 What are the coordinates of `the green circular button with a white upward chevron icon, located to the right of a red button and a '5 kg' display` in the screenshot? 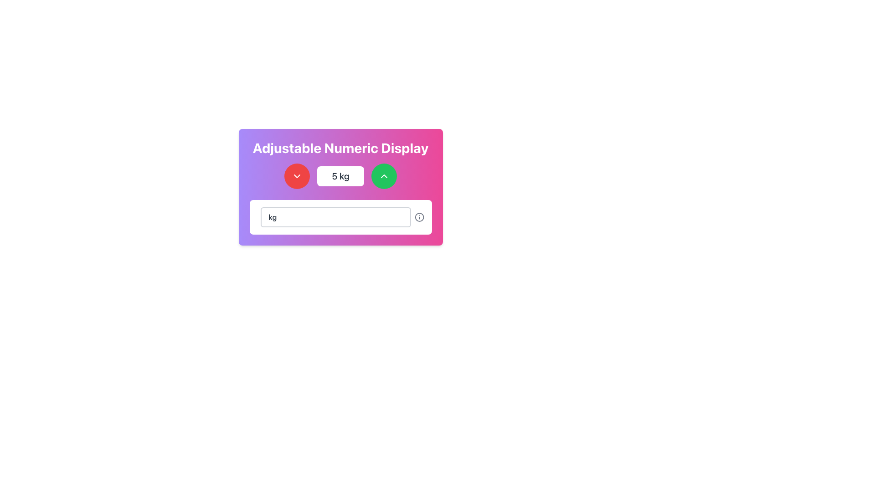 It's located at (384, 176).